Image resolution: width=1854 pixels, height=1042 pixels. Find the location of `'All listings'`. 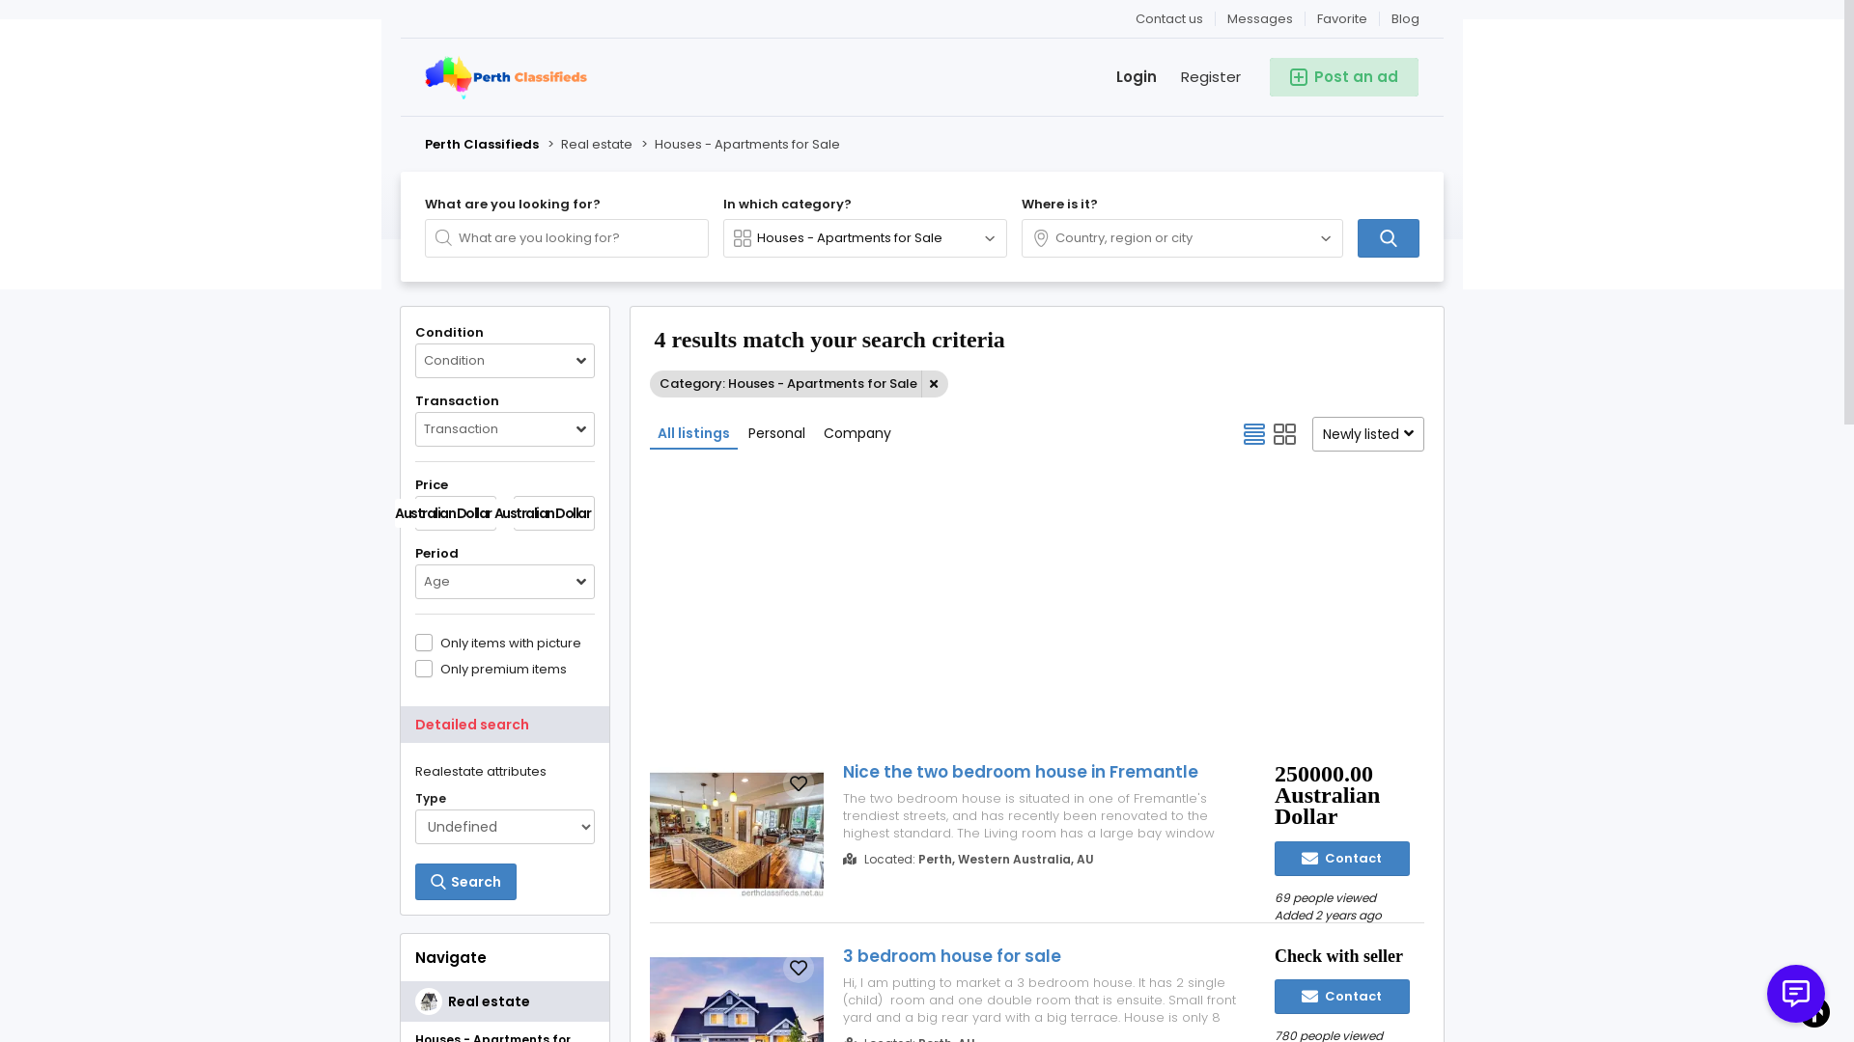

'All listings' is located at coordinates (693, 431).